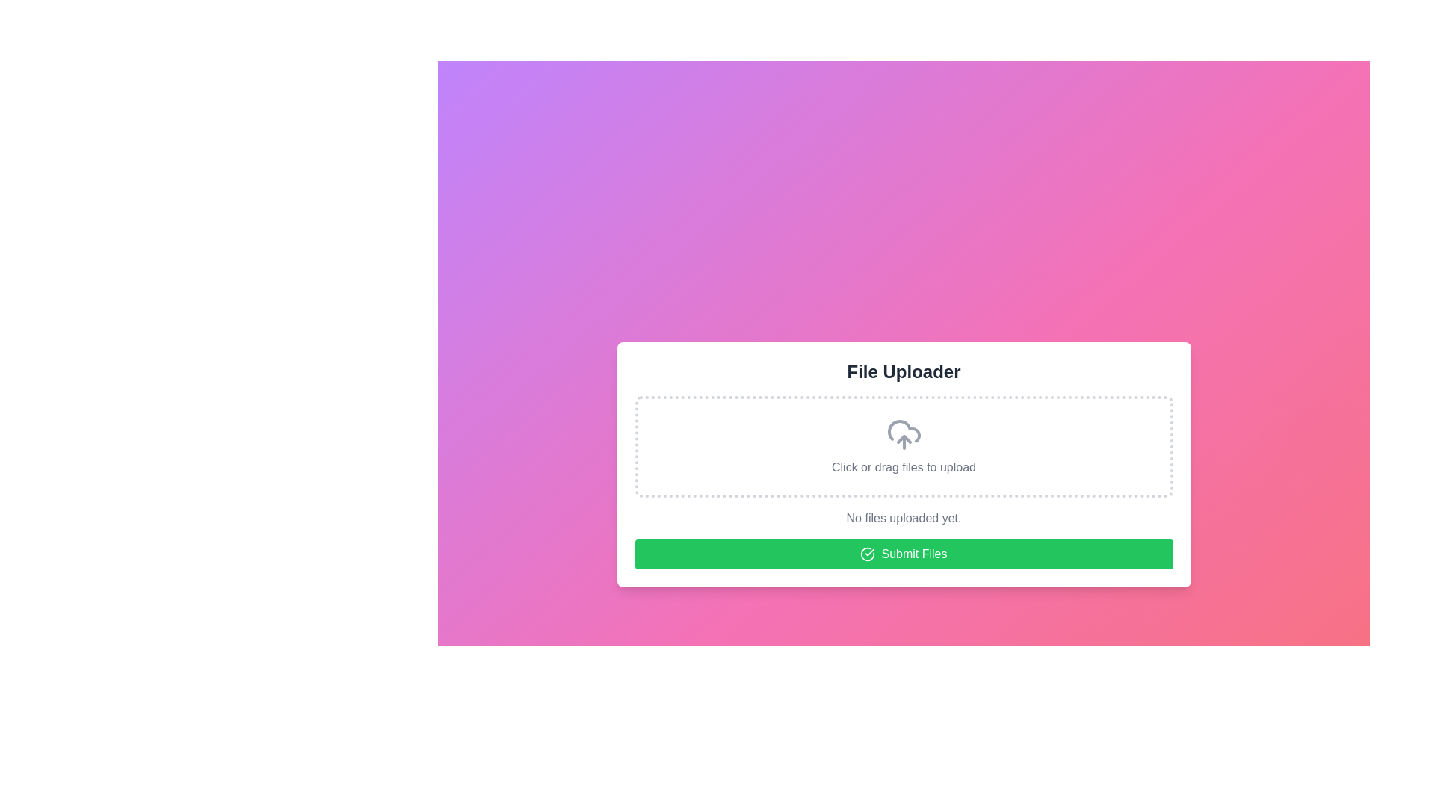  I want to click on the Text Label that indicates no files have been uploaded yet, positioned above the green 'Submit Files' button in the file uploader component, so click(903, 518).